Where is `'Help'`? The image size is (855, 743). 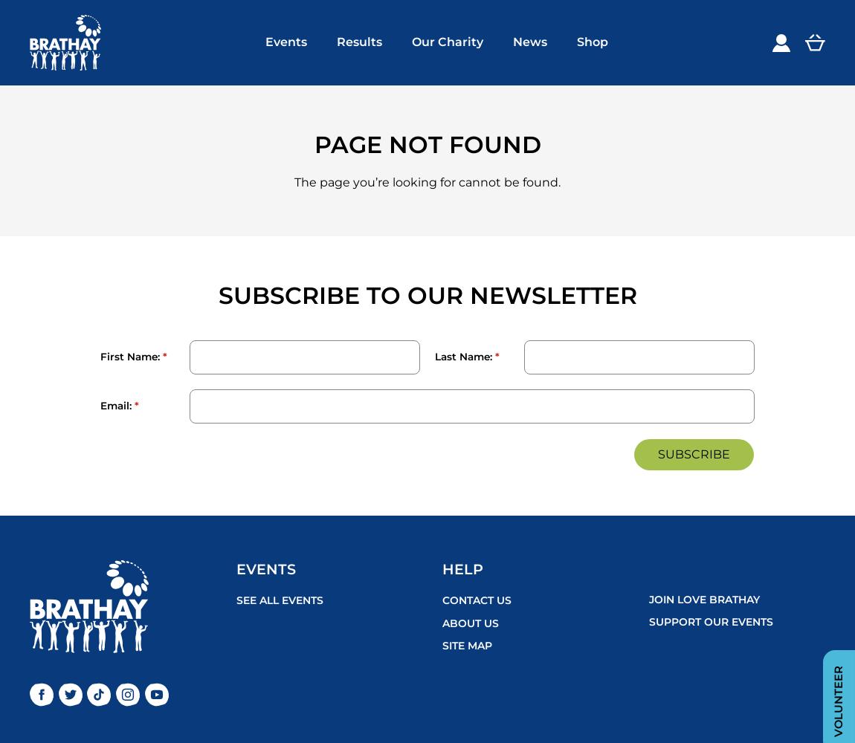
'Help' is located at coordinates (442, 569).